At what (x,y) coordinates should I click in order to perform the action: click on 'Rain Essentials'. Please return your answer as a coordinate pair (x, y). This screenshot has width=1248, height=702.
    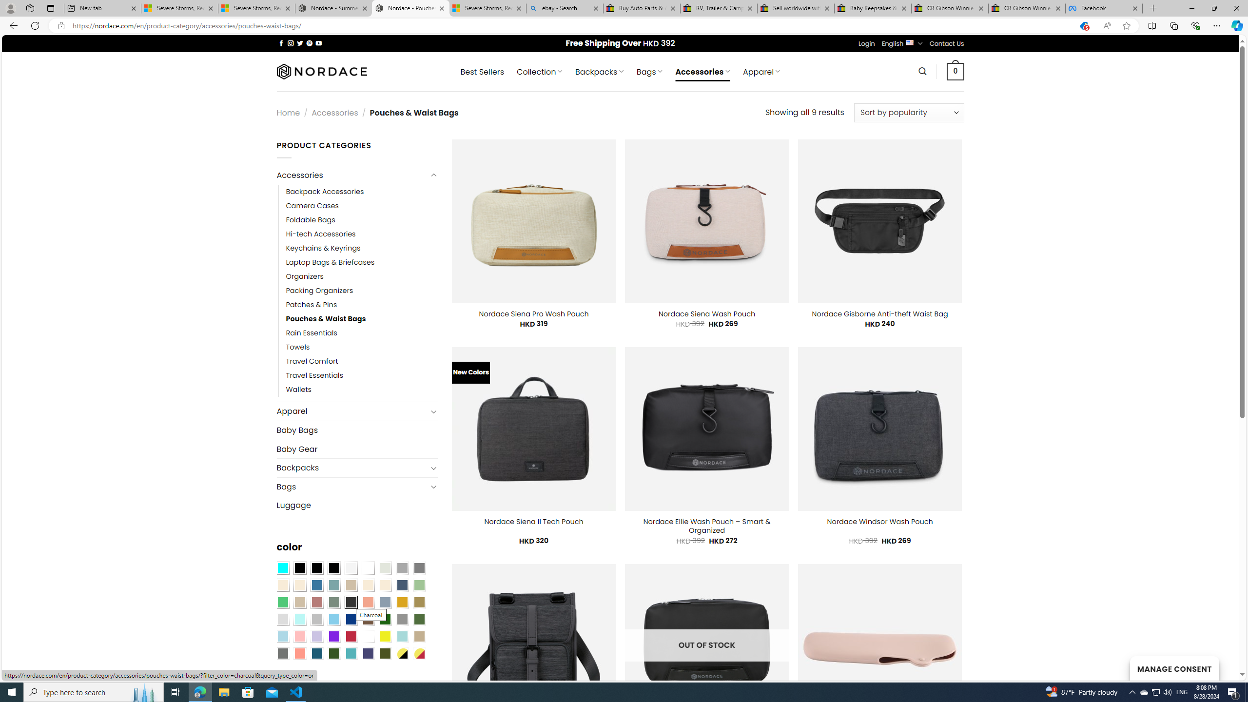
    Looking at the image, I should click on (311, 333).